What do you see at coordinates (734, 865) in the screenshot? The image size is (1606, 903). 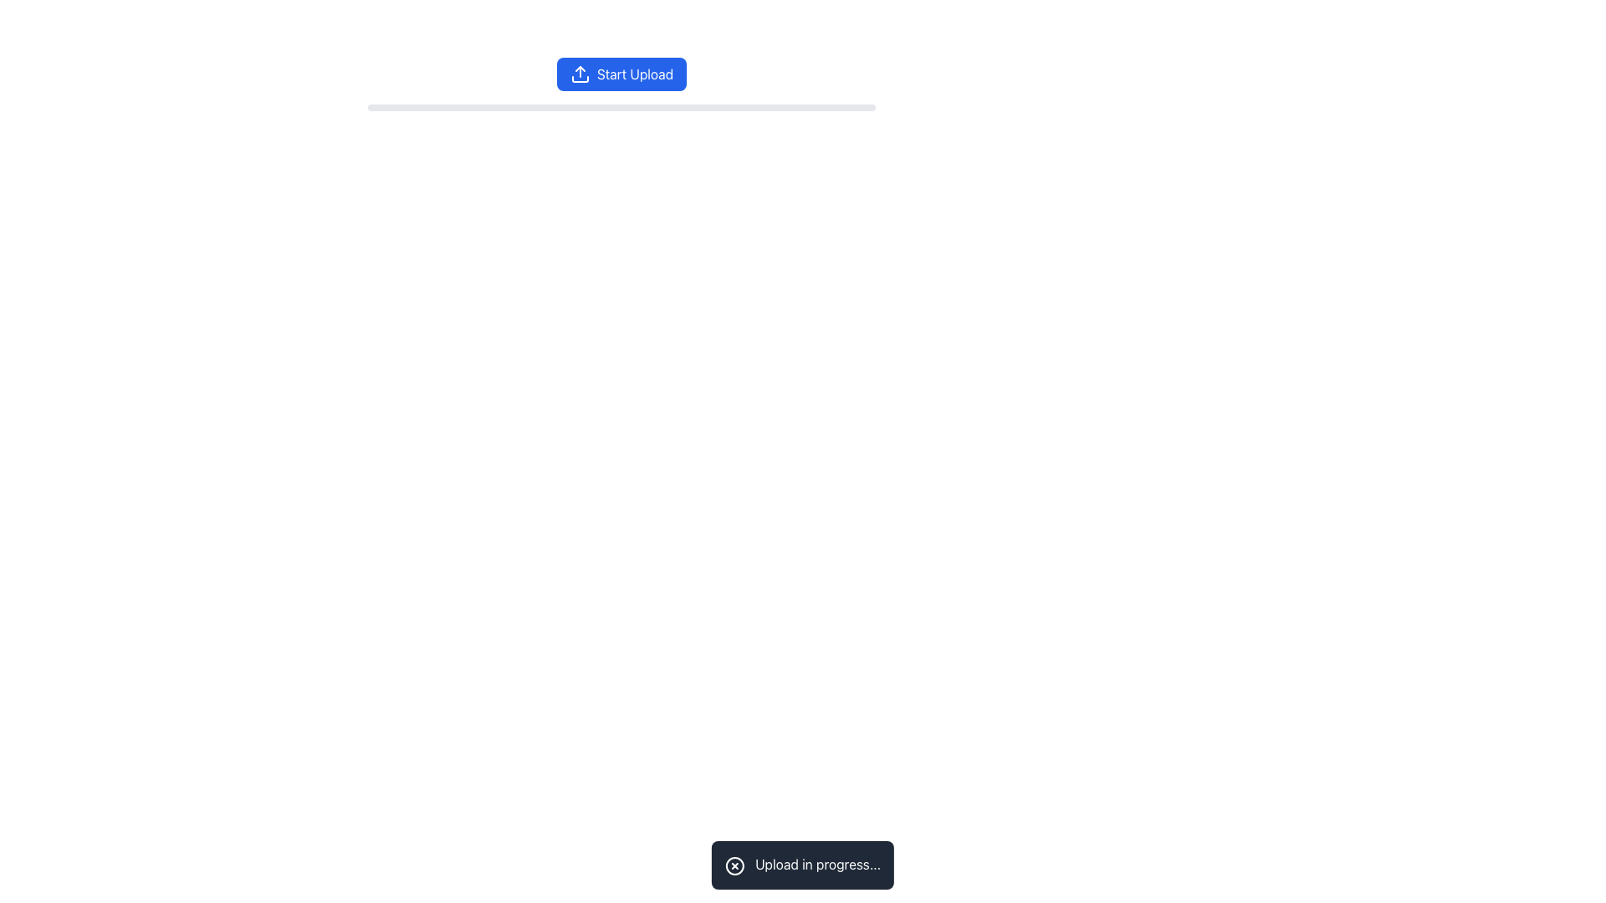 I see `the circular icon with a cross mark inside, located at the left side of the notification text 'Upload in progress...' in the notification box` at bounding box center [734, 865].